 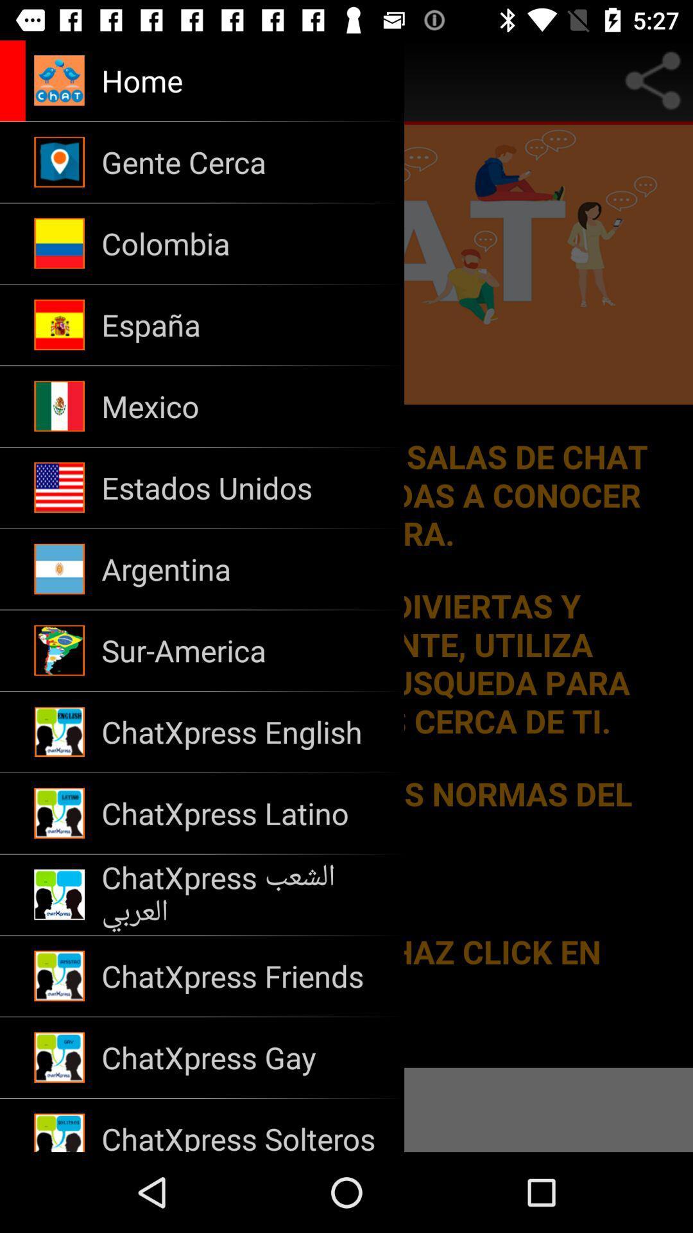 What do you see at coordinates (244, 1124) in the screenshot?
I see `chatxpress solteros icon` at bounding box center [244, 1124].